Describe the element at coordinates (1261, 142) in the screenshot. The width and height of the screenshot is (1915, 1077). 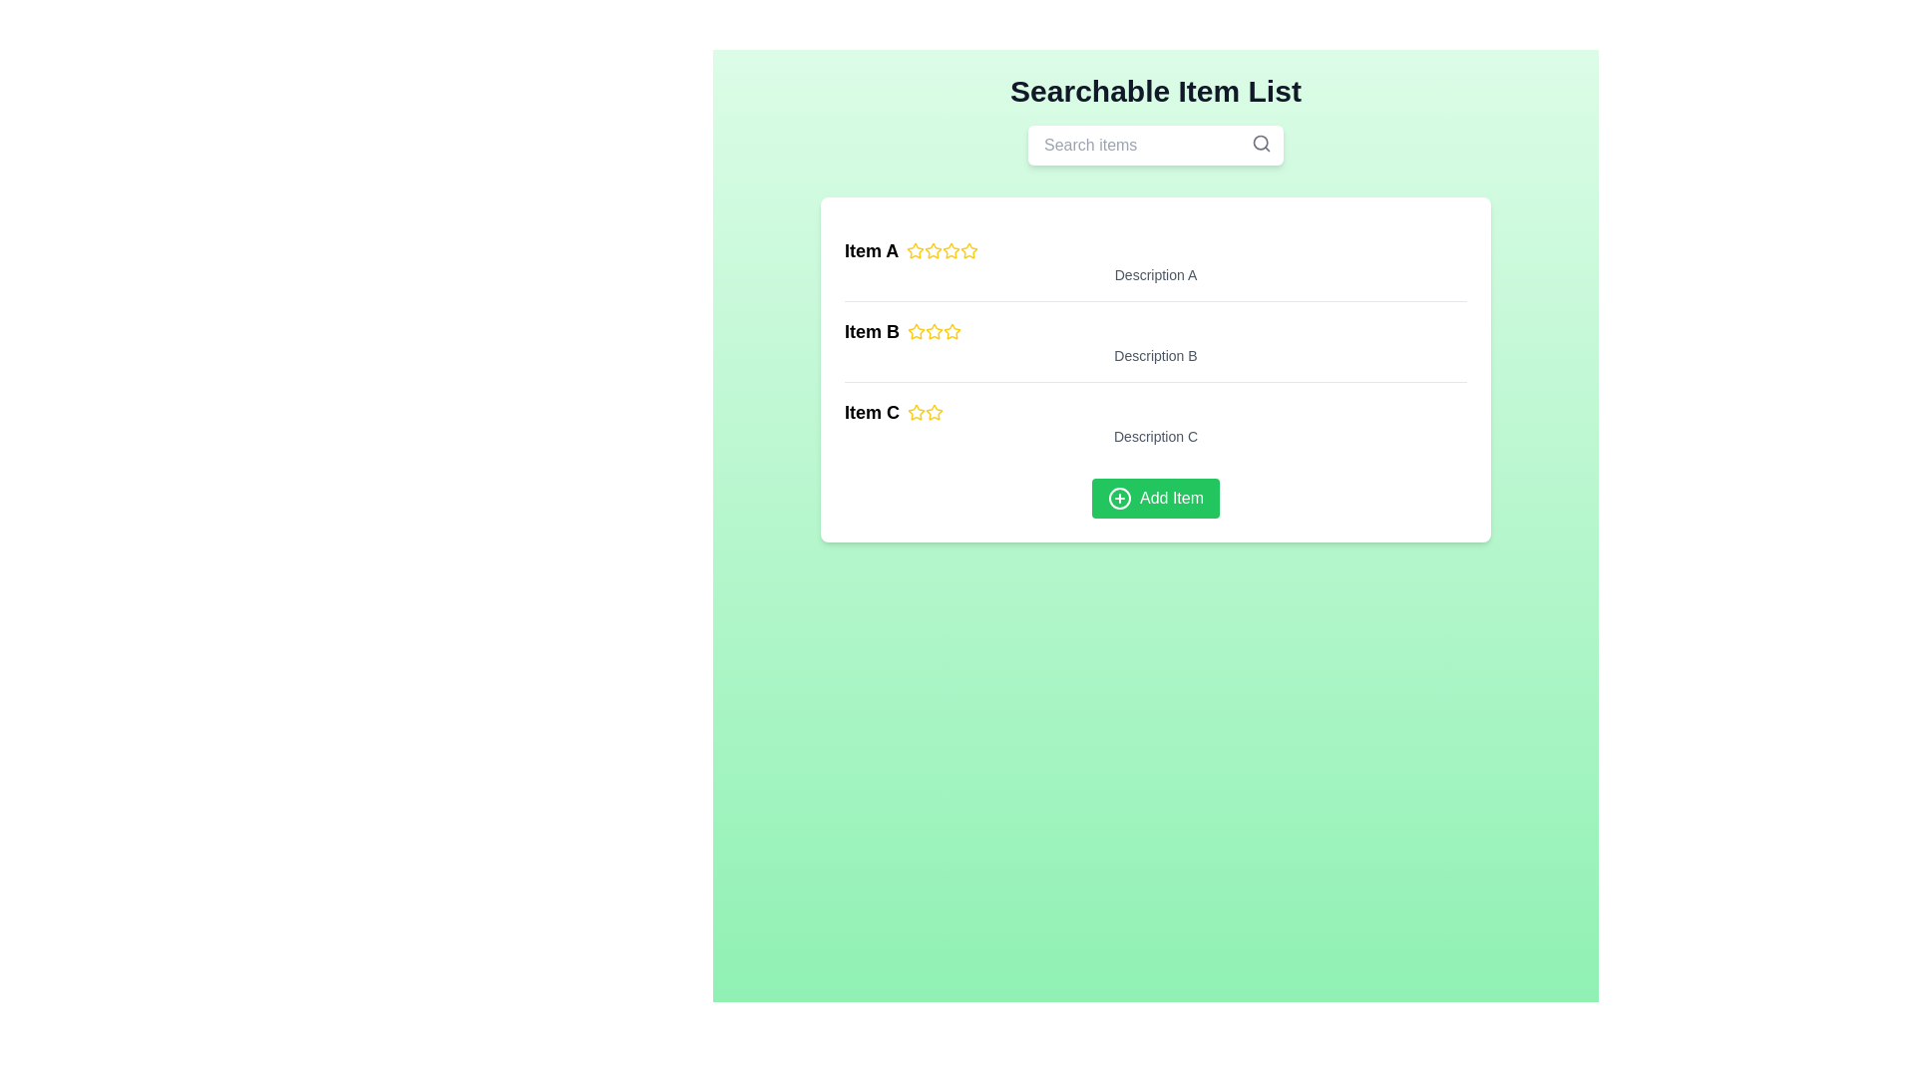
I see `the search icon button located at the top-right corner of the search input field` at that location.